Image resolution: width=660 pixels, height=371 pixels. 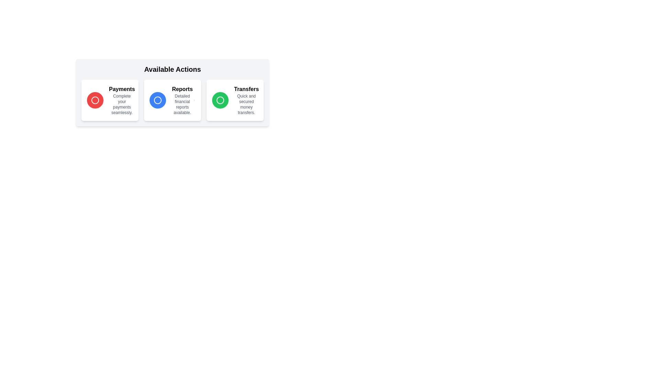 What do you see at coordinates (95, 100) in the screenshot?
I see `the circular icon with a red background and white border located within the 'Payments' card under 'Available Actions'` at bounding box center [95, 100].